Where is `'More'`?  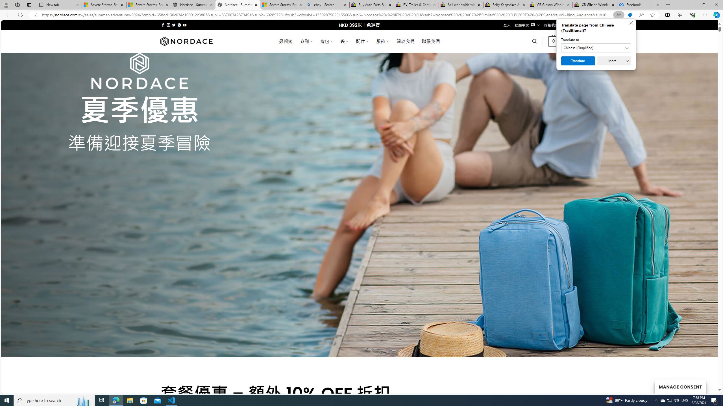
'More' is located at coordinates (614, 61).